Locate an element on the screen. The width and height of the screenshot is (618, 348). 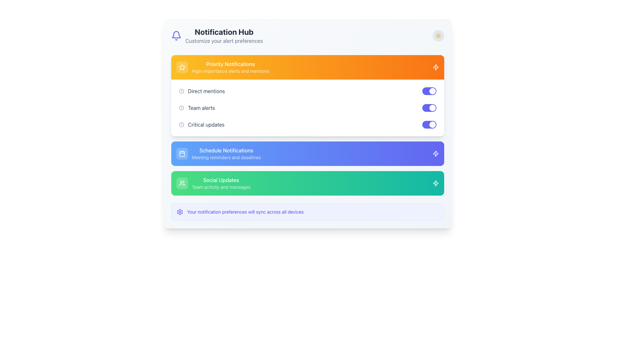
the descriptive subtitle for the 'Priority Notifications' category located in the orange highlighted section at the top of the notification preferences interface is located at coordinates (230, 71).